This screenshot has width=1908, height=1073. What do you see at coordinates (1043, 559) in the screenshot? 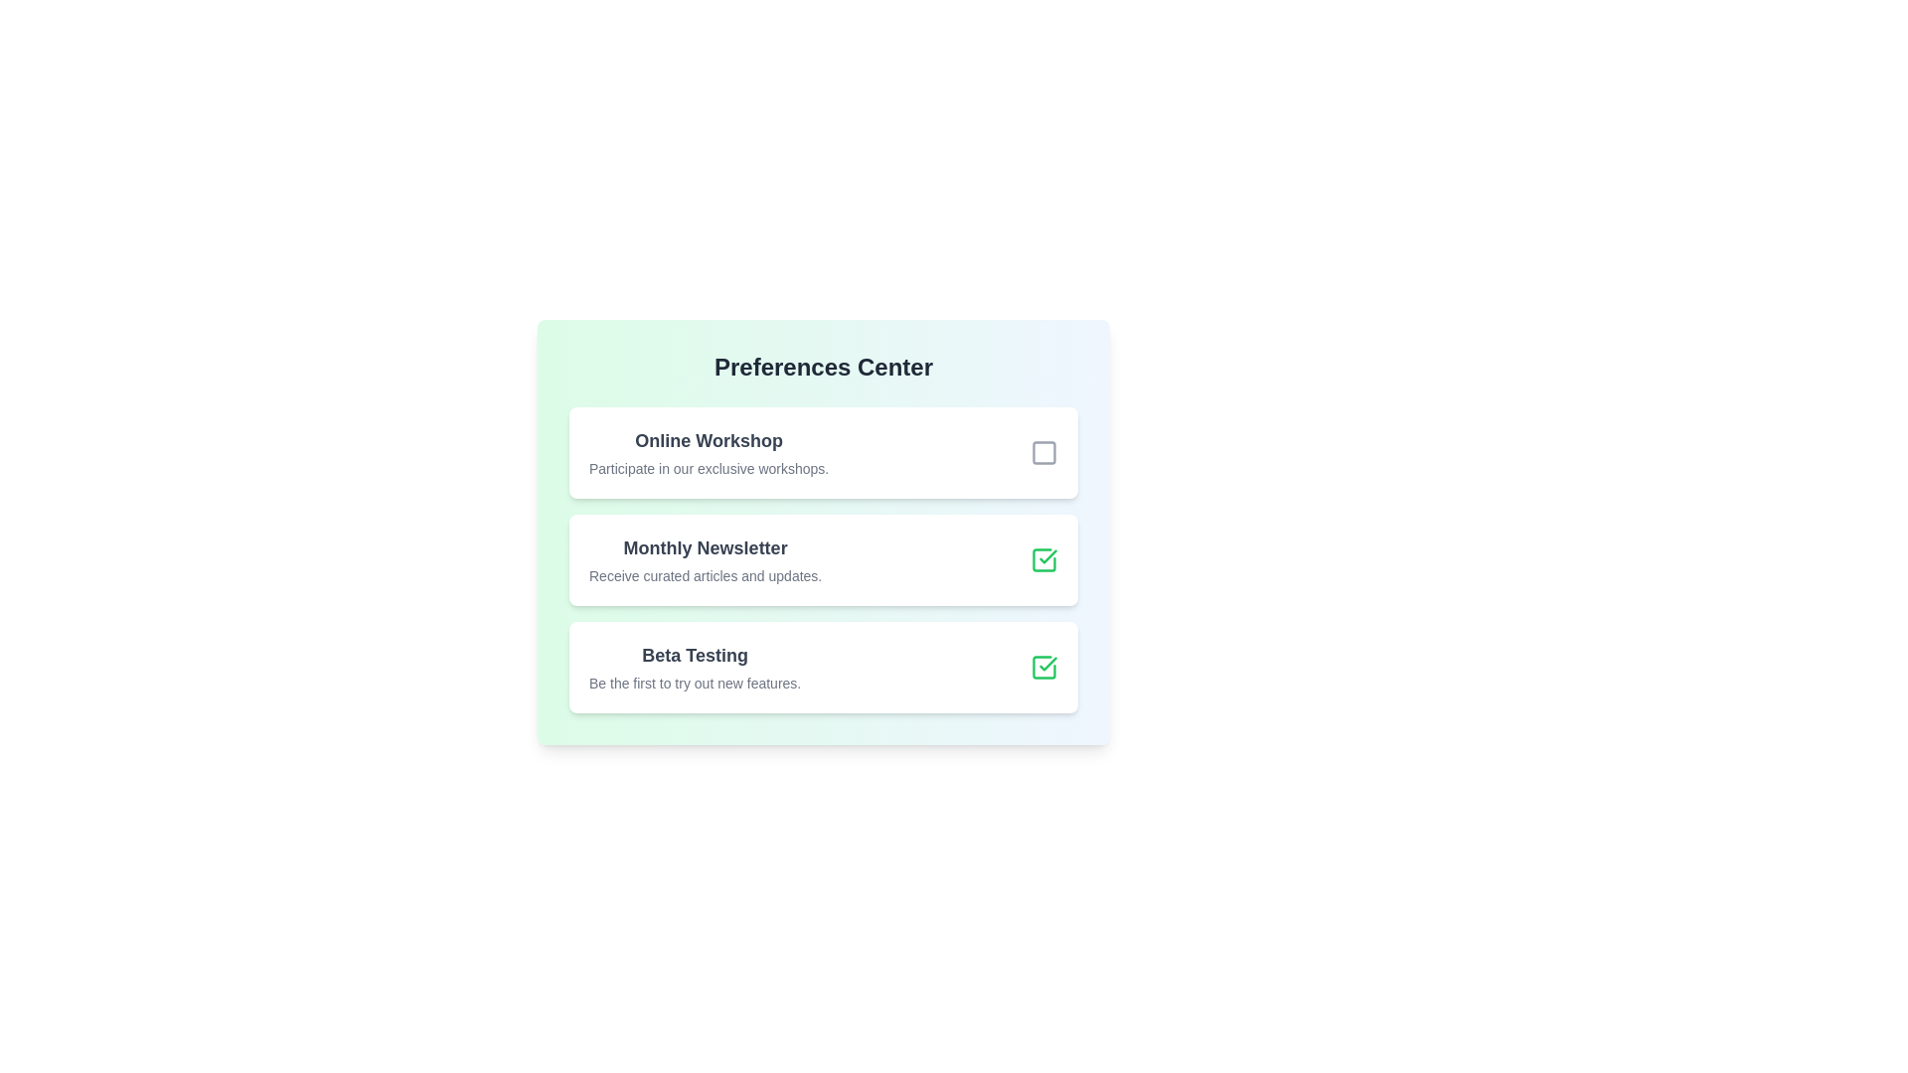
I see `the 'Monthly Newsletter' checkbox located` at bounding box center [1043, 559].